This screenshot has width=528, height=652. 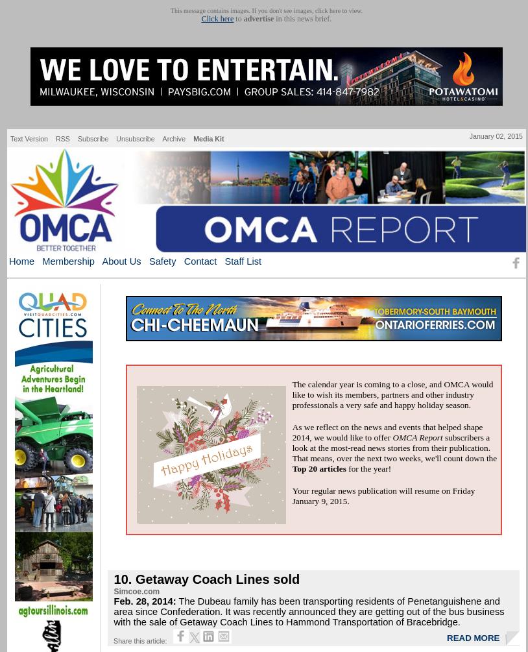 What do you see at coordinates (258, 19) in the screenshot?
I see `'advertise'` at bounding box center [258, 19].